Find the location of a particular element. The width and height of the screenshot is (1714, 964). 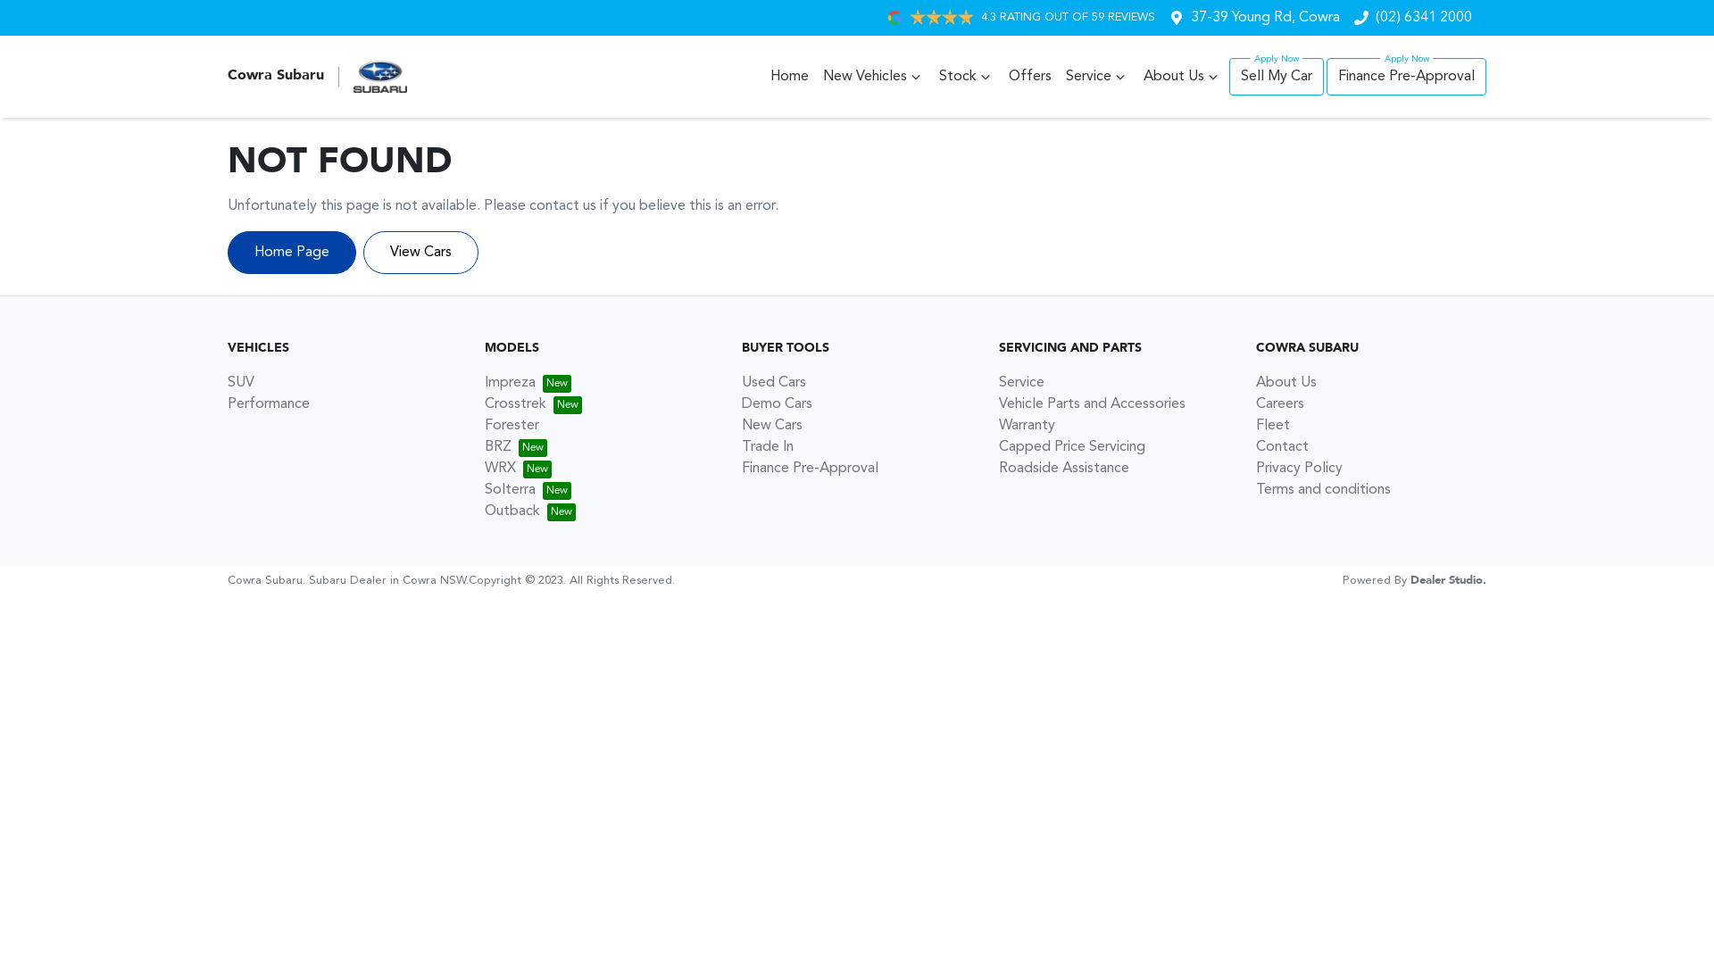

'Capped Price Servicing' is located at coordinates (1071, 446).